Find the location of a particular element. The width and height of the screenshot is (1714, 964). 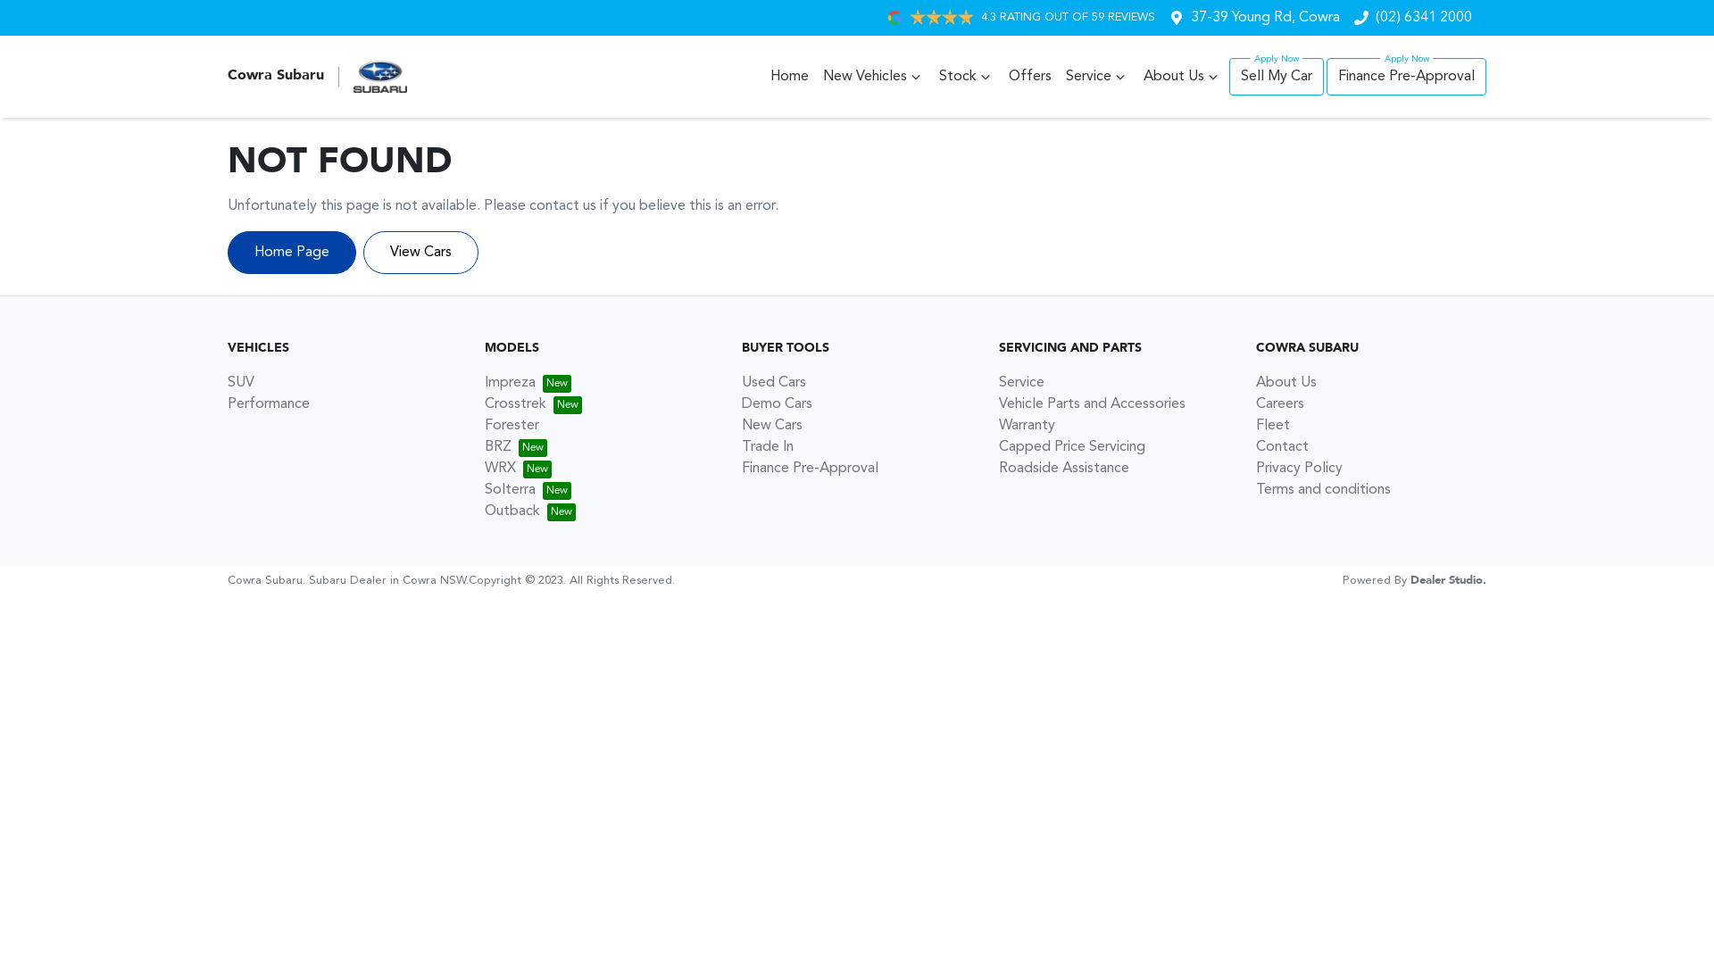

'Capped Price Servicing' is located at coordinates (1071, 446).